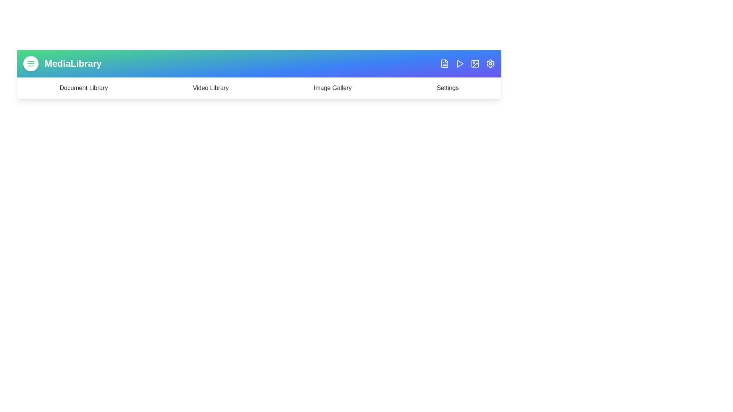  Describe the element at coordinates (73, 63) in the screenshot. I see `the title 'MediaLibrary' displayed in the app bar` at that location.